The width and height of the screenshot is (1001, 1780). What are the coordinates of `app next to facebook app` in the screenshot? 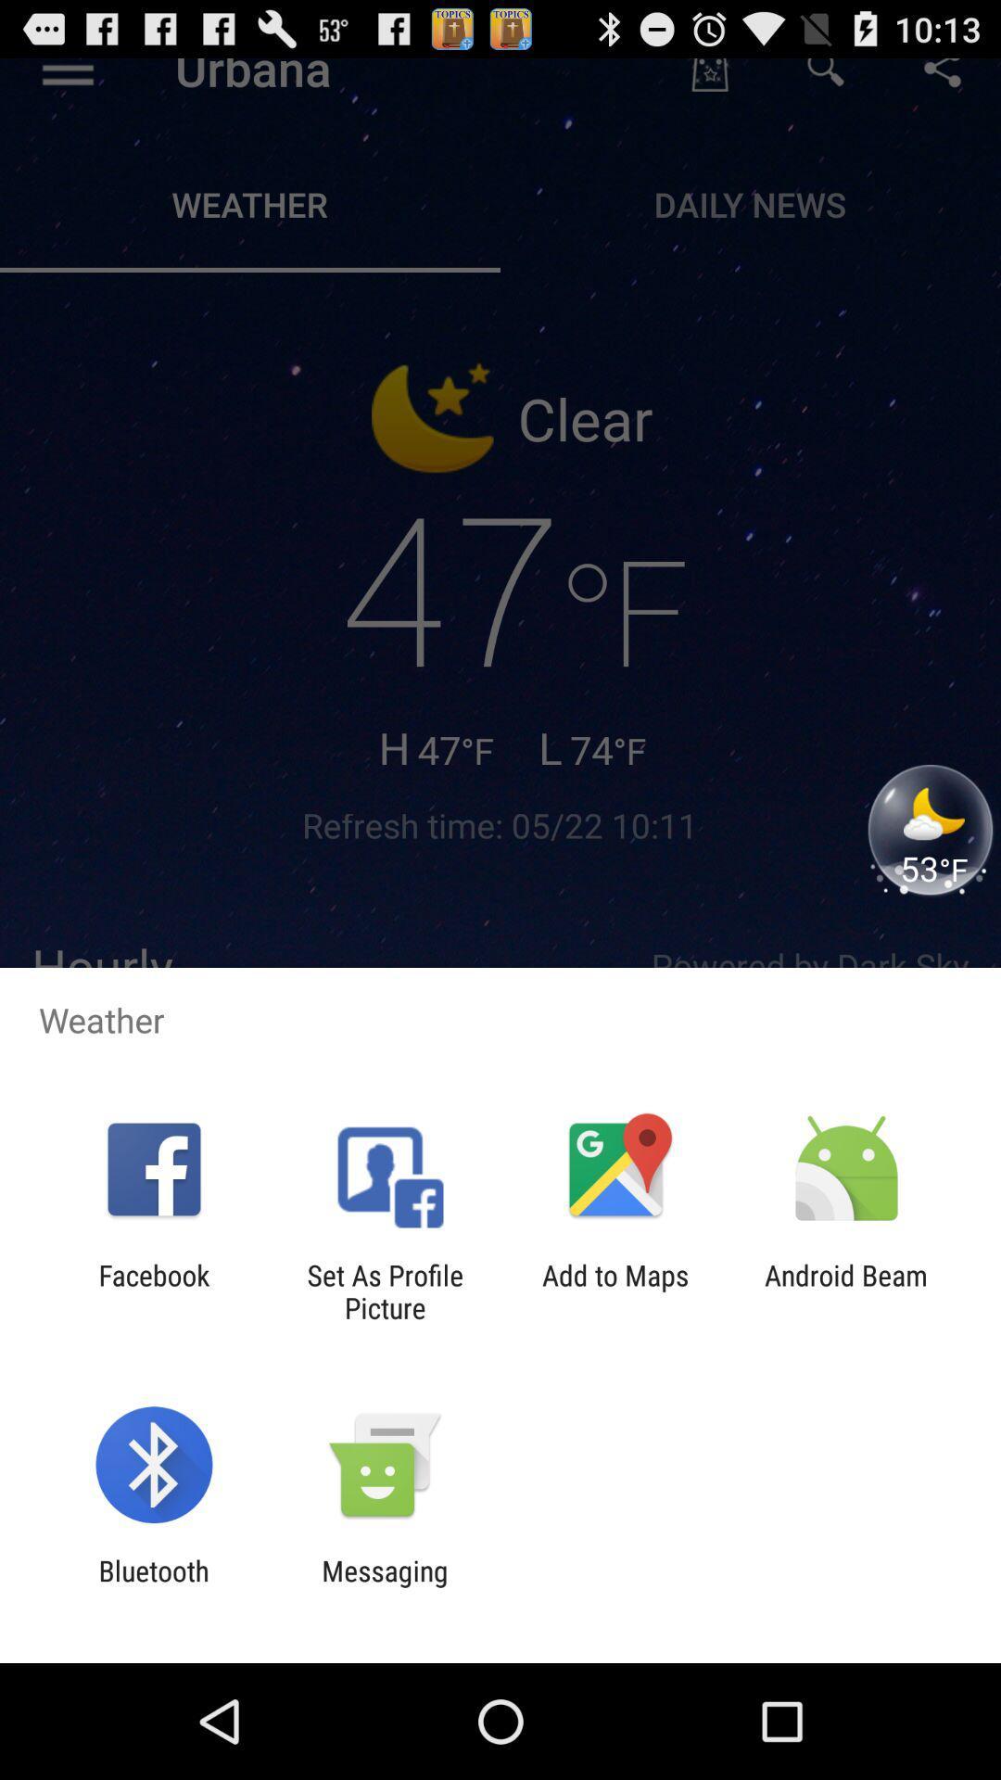 It's located at (384, 1290).